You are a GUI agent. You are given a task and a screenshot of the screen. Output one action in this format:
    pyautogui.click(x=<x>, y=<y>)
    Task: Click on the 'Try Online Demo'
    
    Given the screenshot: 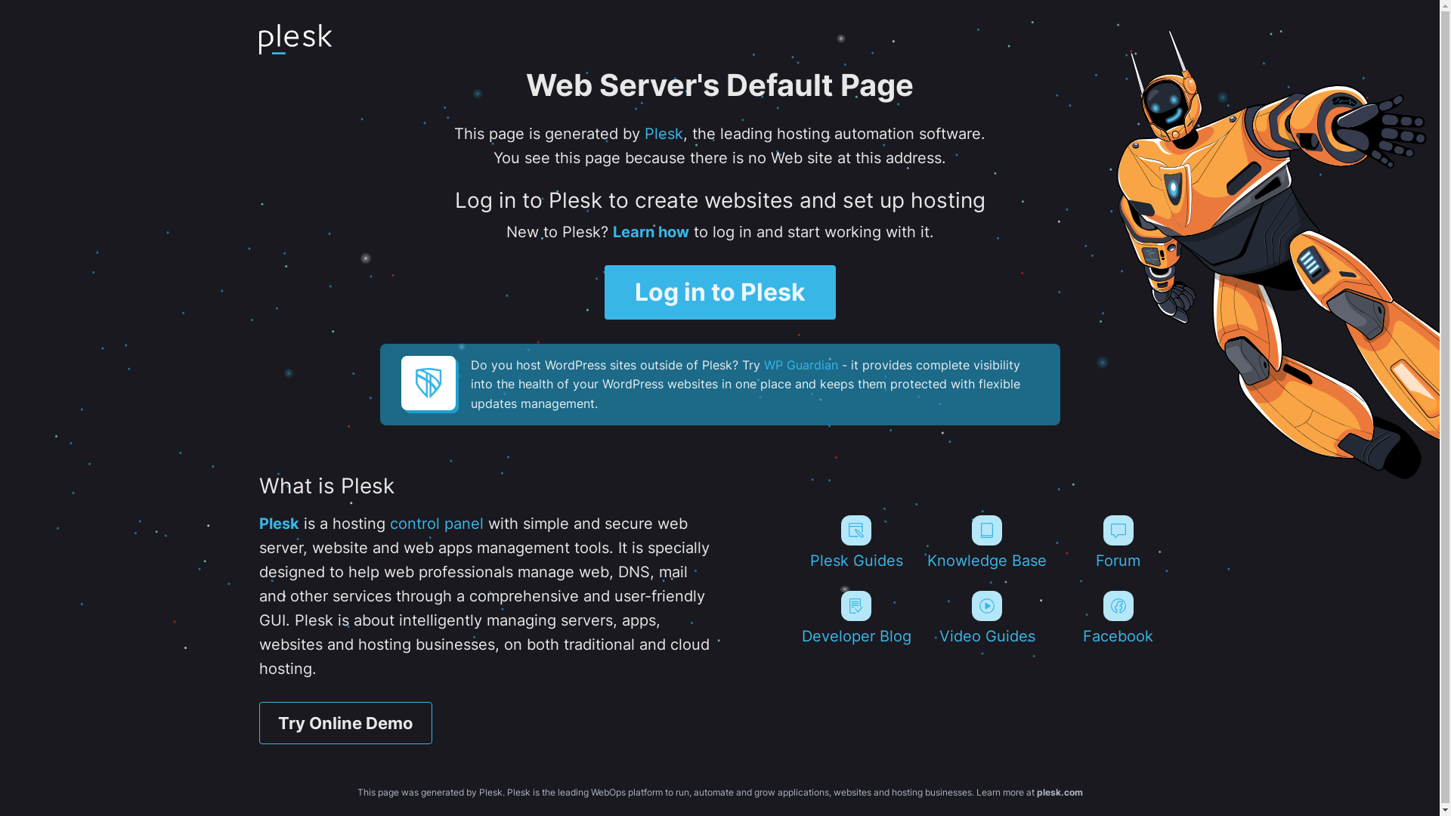 What is the action you would take?
    pyautogui.click(x=344, y=722)
    